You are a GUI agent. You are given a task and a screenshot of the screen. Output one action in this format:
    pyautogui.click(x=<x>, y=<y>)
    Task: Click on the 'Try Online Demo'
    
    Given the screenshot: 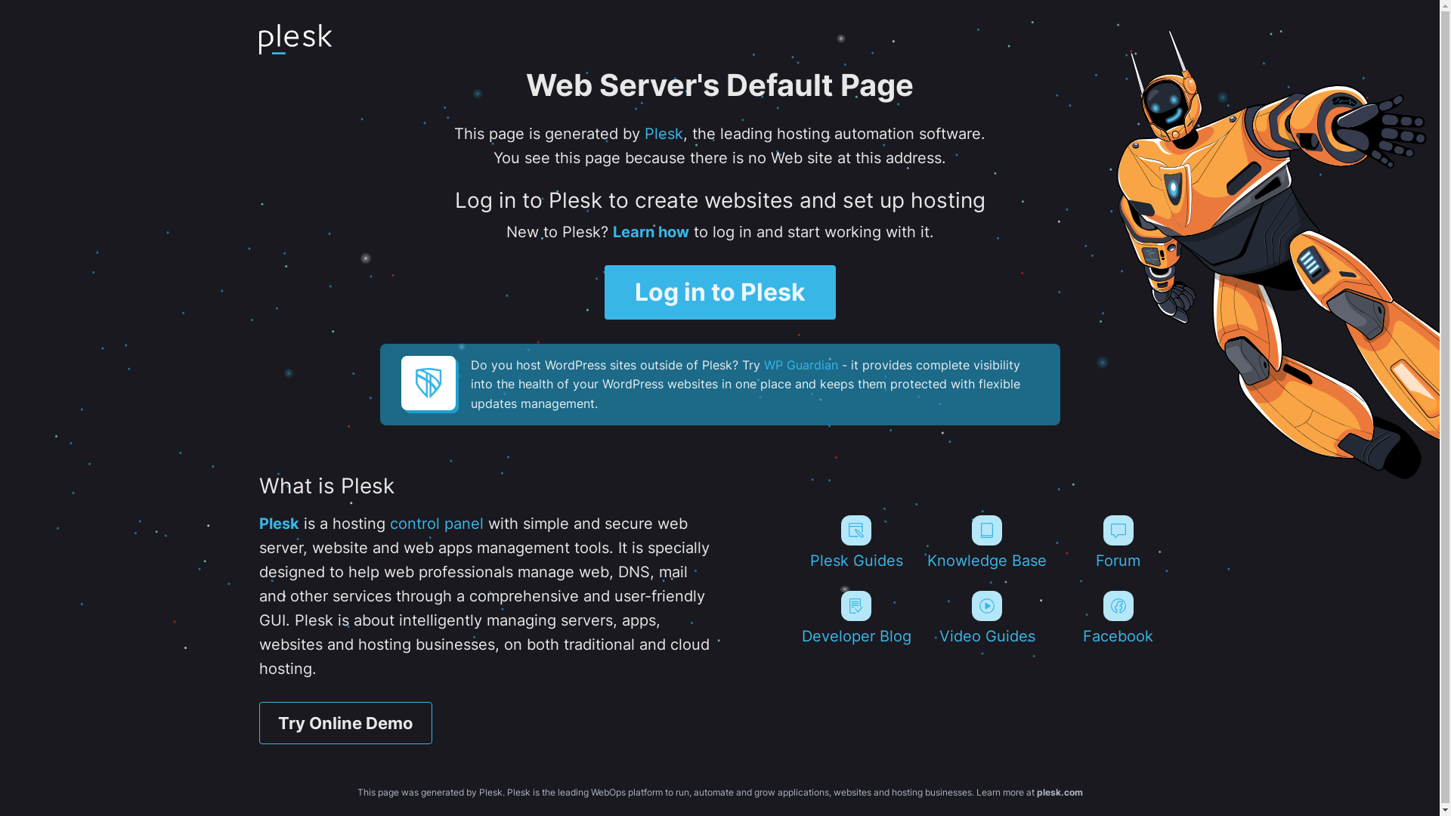 What is the action you would take?
    pyautogui.click(x=344, y=722)
    